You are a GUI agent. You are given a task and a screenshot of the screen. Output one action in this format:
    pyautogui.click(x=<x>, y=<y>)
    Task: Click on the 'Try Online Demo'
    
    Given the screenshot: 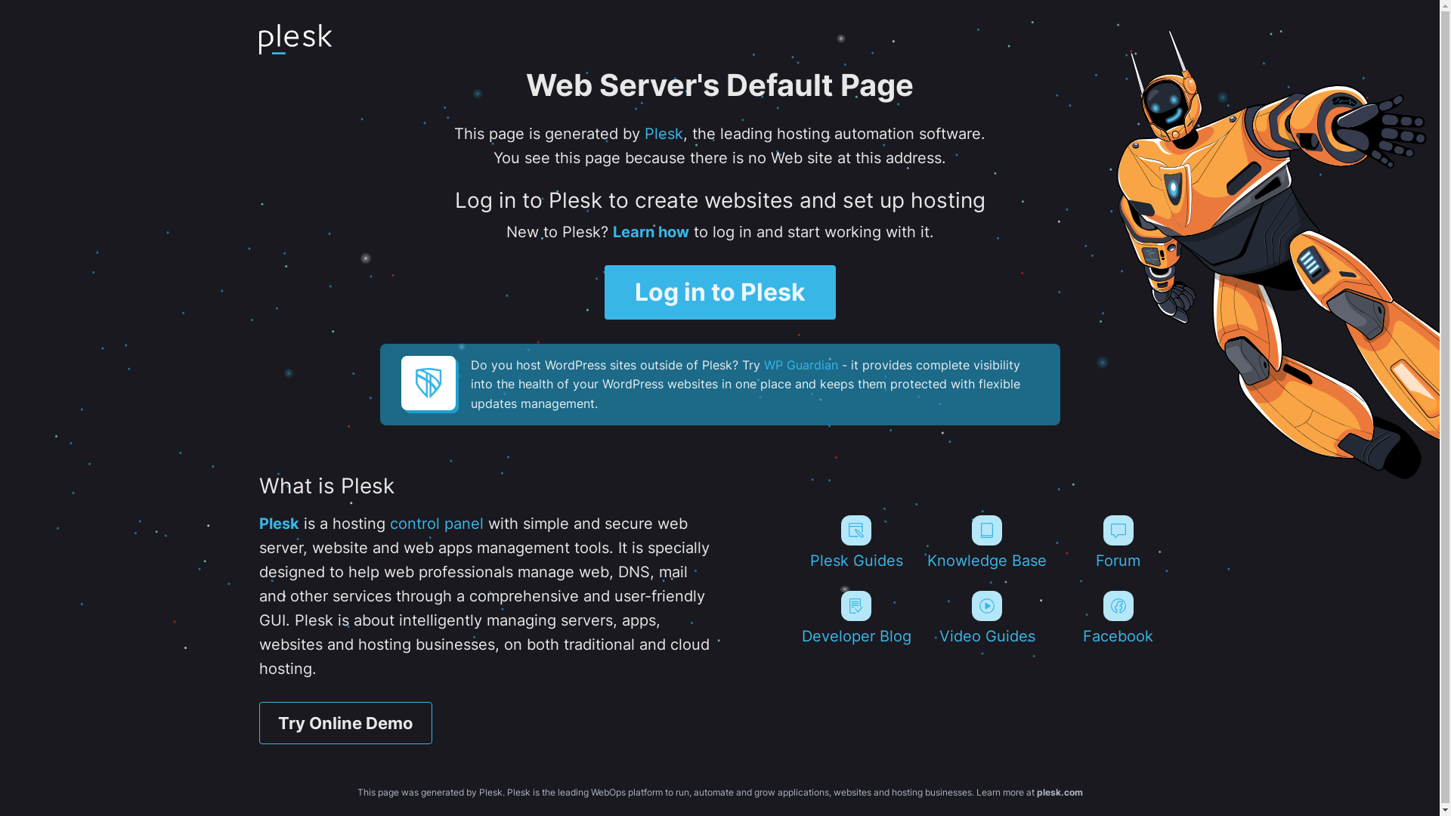 What is the action you would take?
    pyautogui.click(x=344, y=722)
    